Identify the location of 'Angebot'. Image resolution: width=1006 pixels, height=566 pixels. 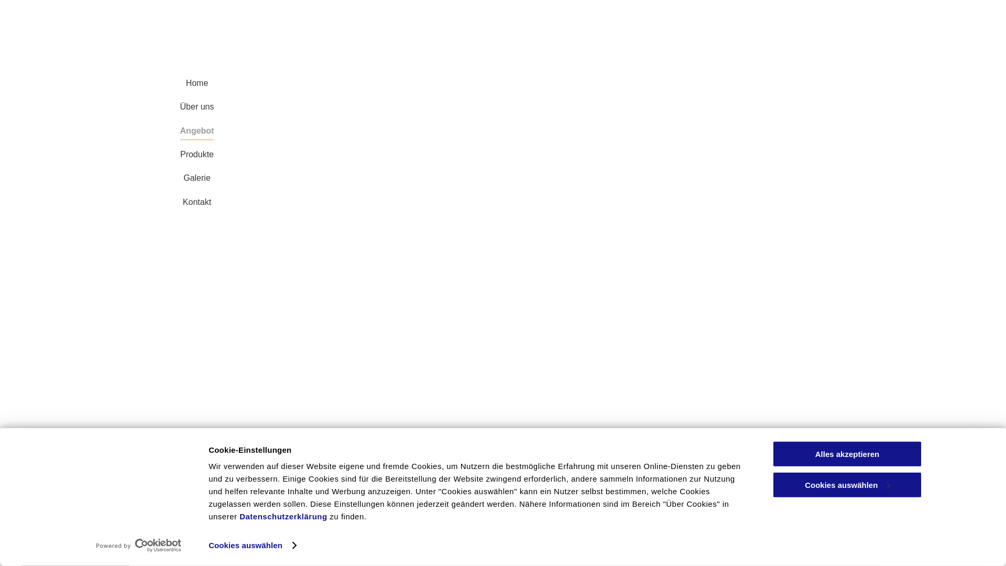
(474, 501).